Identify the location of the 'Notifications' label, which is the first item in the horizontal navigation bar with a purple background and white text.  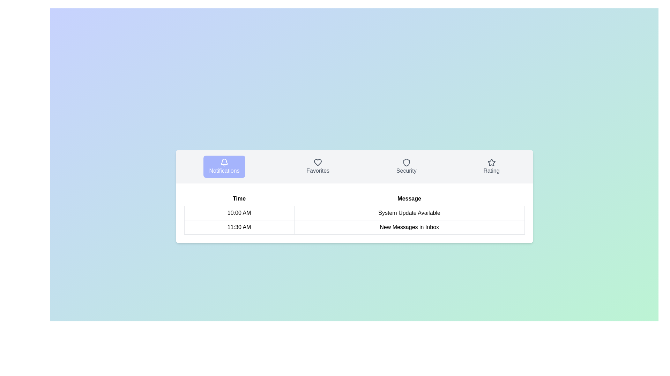
(224, 171).